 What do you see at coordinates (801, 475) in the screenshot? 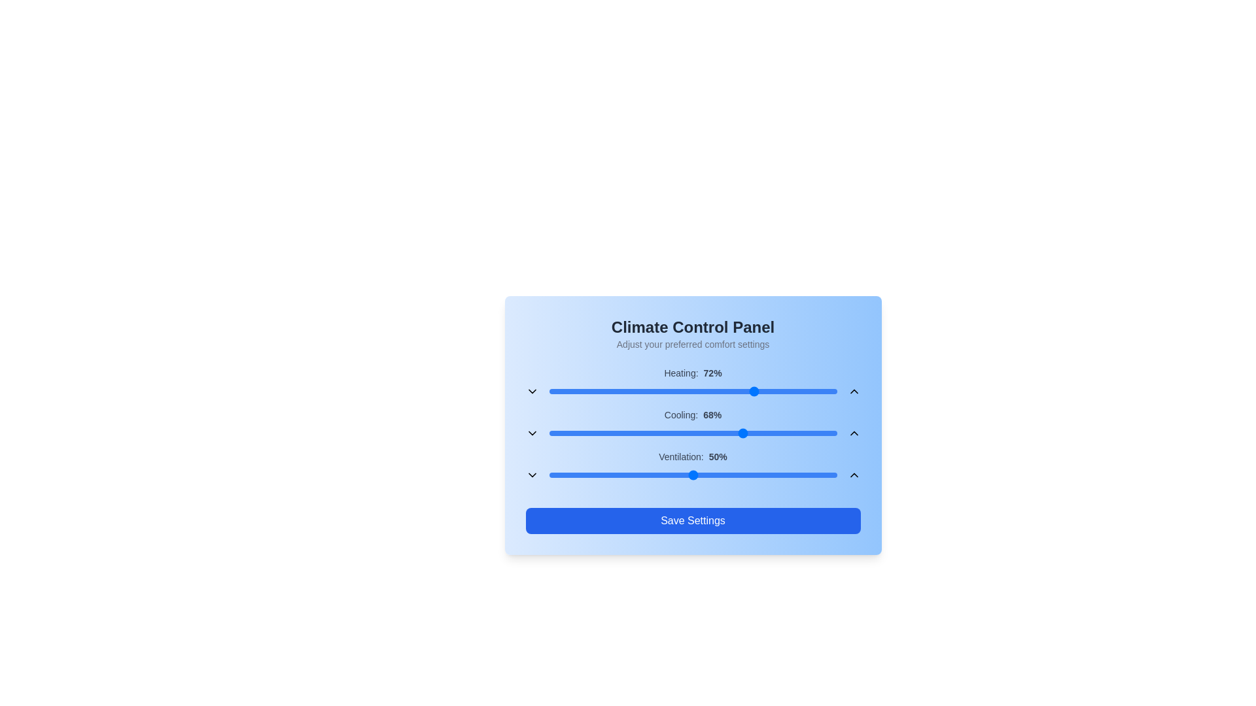
I see `the ventilation slider to 88%` at bounding box center [801, 475].